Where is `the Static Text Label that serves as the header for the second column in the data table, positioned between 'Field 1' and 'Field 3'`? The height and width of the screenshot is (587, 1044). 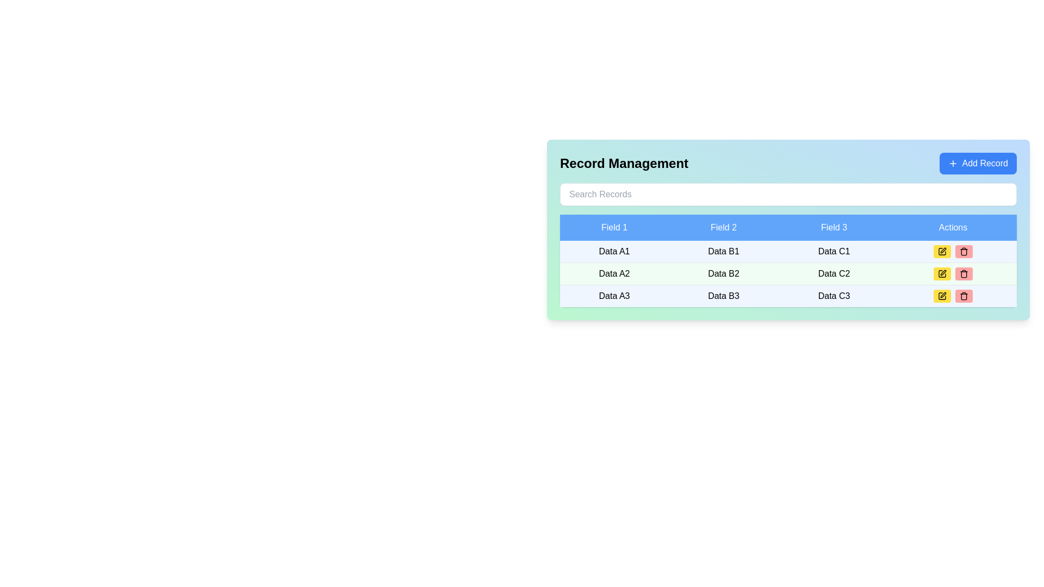 the Static Text Label that serves as the header for the second column in the data table, positioned between 'Field 1' and 'Field 3' is located at coordinates (723, 227).